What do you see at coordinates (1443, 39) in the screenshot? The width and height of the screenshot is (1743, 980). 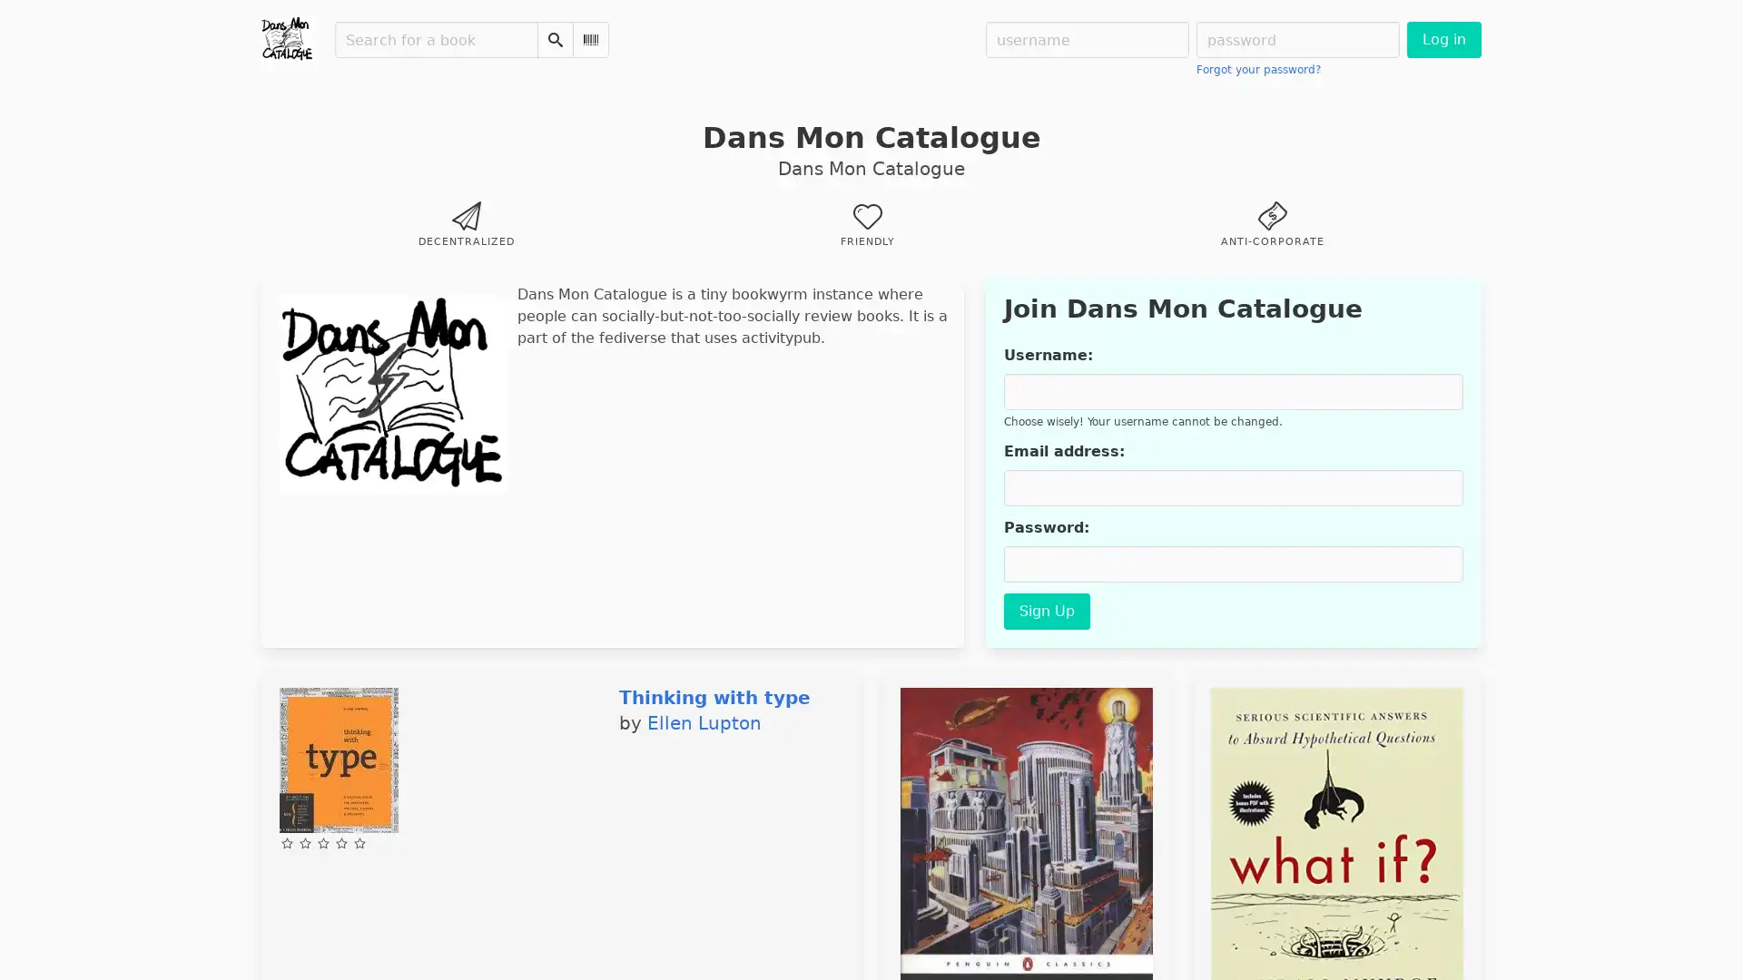 I see `Log in` at bounding box center [1443, 39].